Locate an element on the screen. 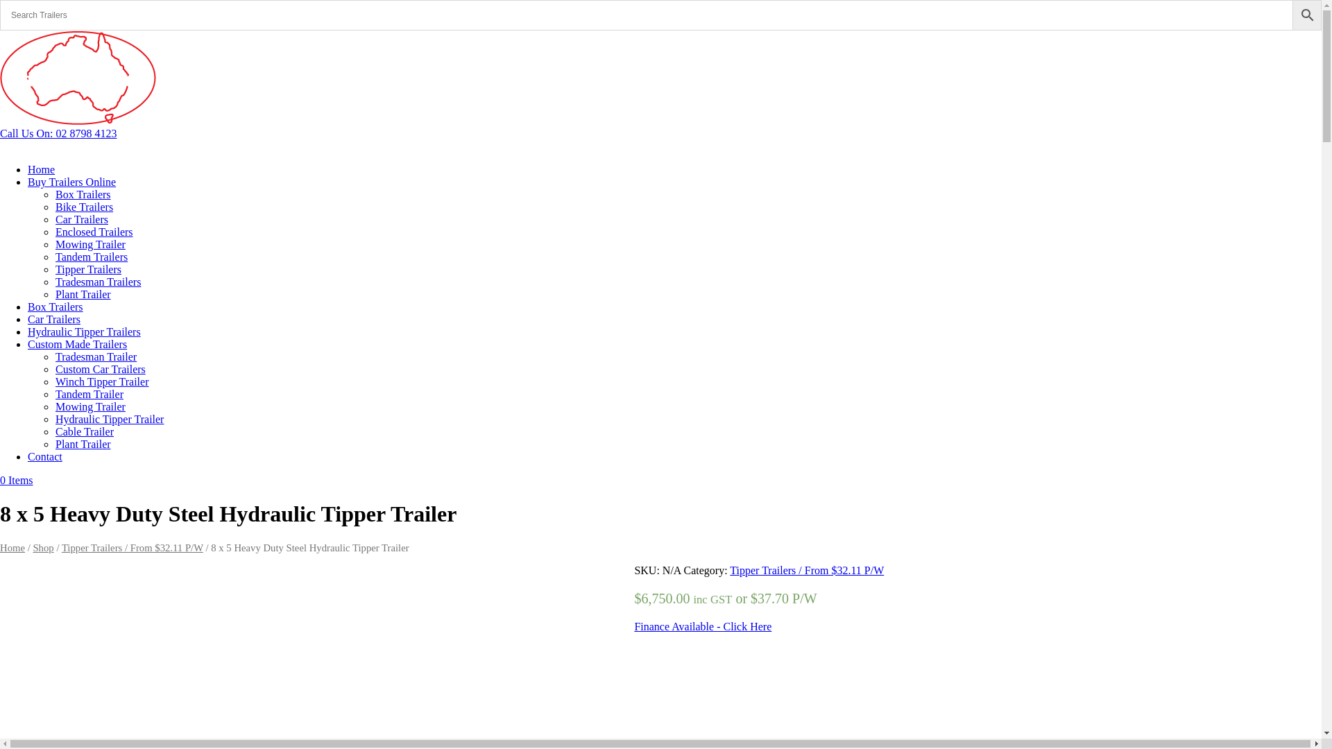 Image resolution: width=1332 pixels, height=749 pixels. 'Contact' is located at coordinates (27, 456).